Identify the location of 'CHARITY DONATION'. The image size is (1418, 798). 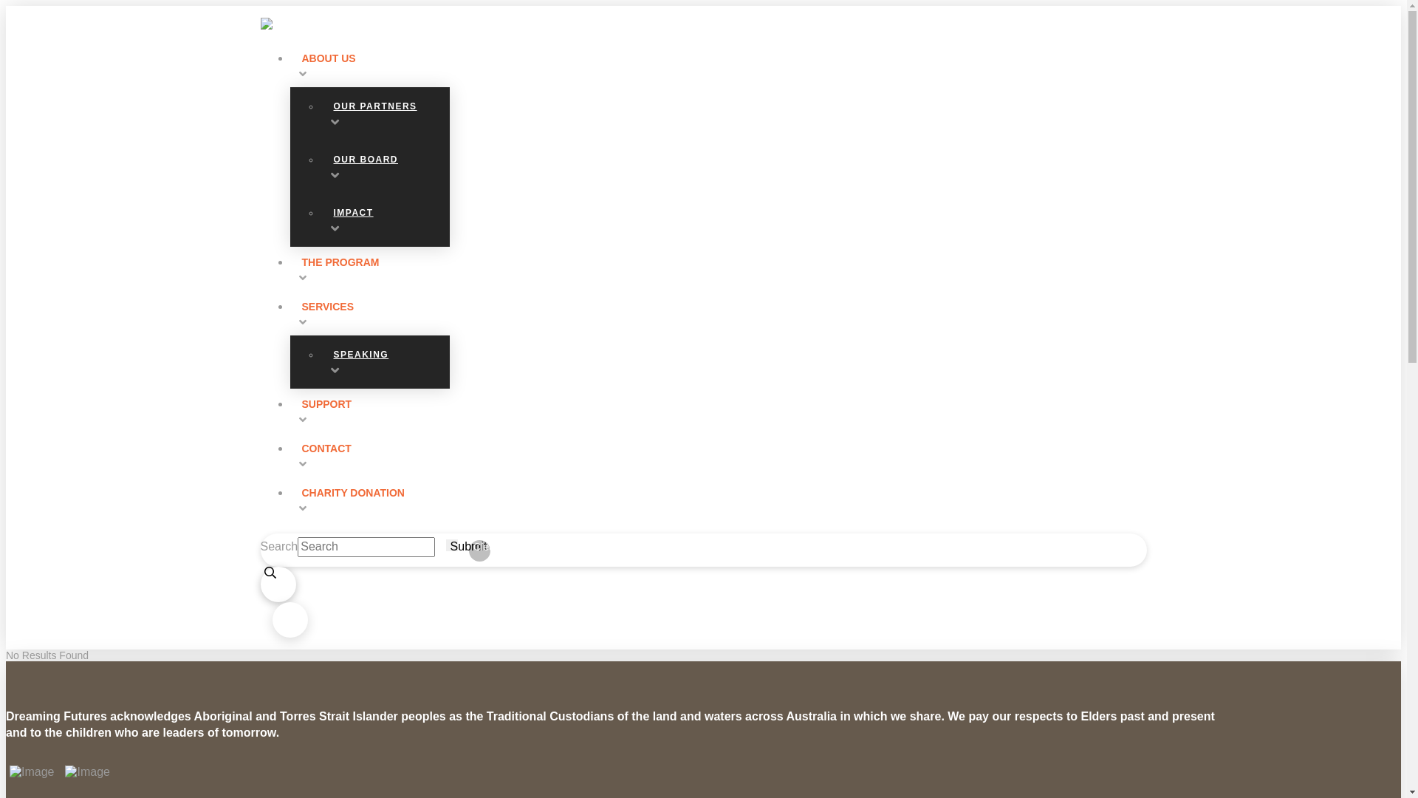
(290, 499).